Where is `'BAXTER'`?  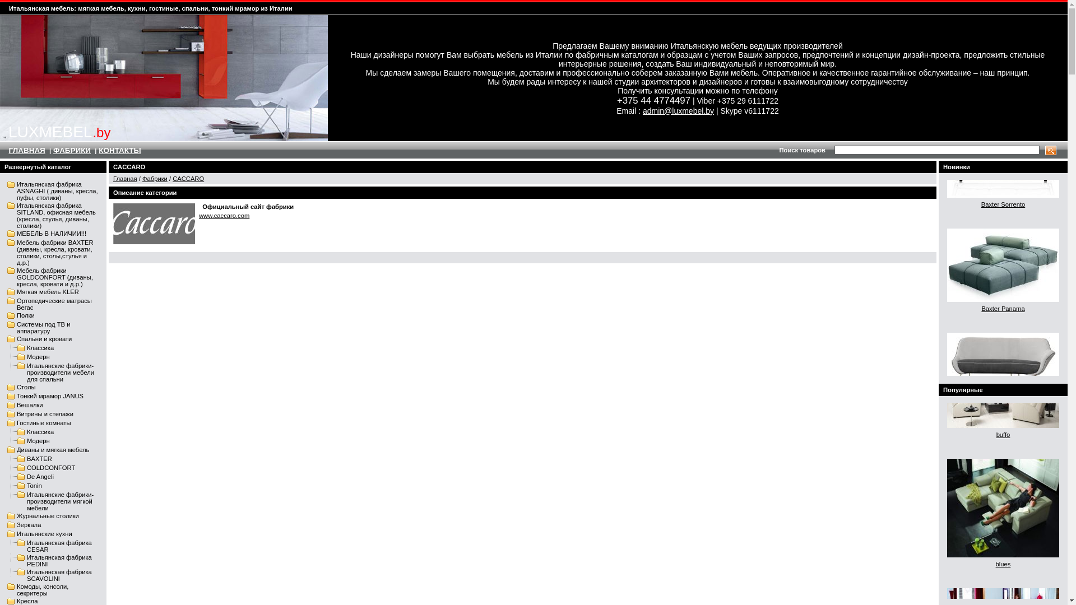 'BAXTER' is located at coordinates (39, 458).